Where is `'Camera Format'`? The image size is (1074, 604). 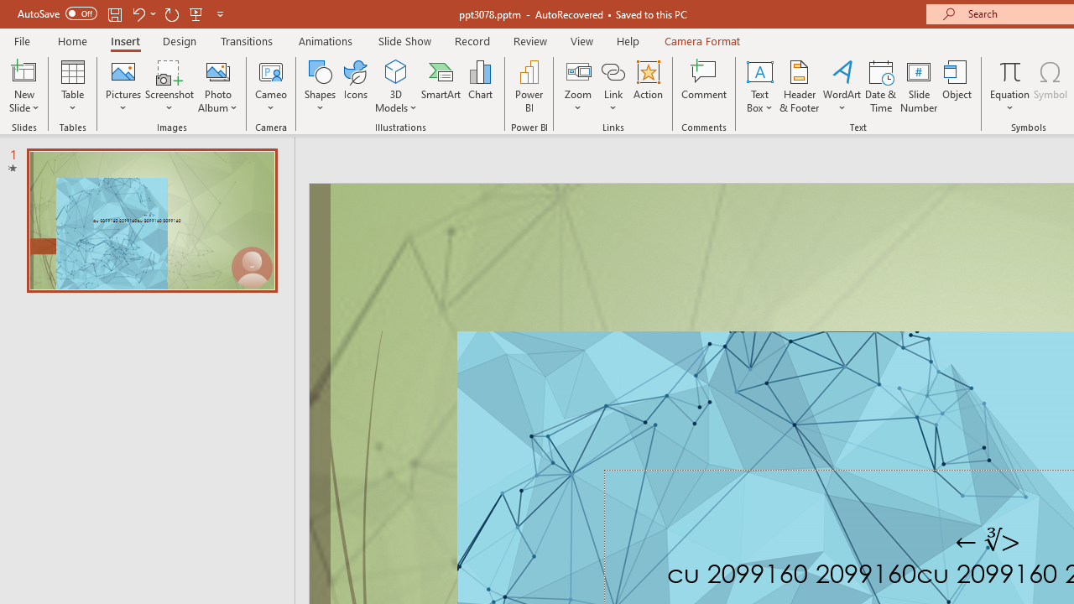 'Camera Format' is located at coordinates (702, 40).